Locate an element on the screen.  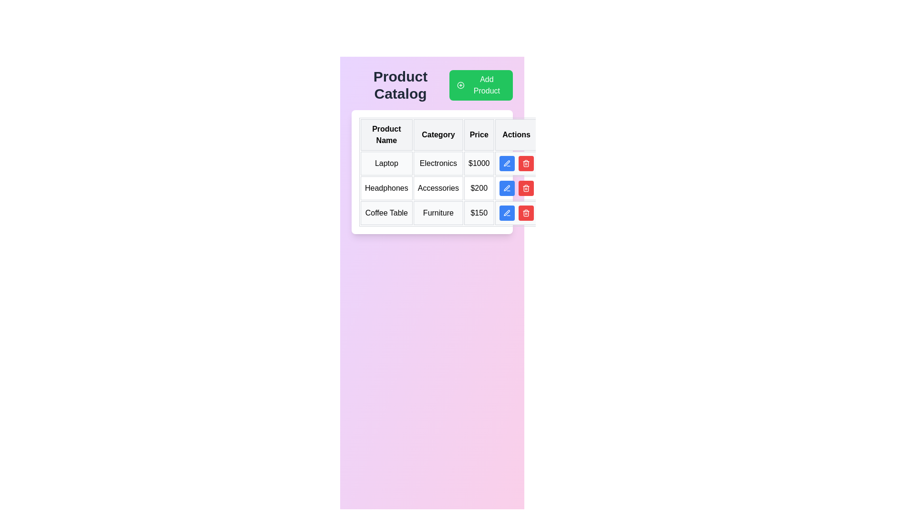
the rectangular section of the trash can icon located in the 'Actions' column of the last row in the product table is located at coordinates (525, 164).